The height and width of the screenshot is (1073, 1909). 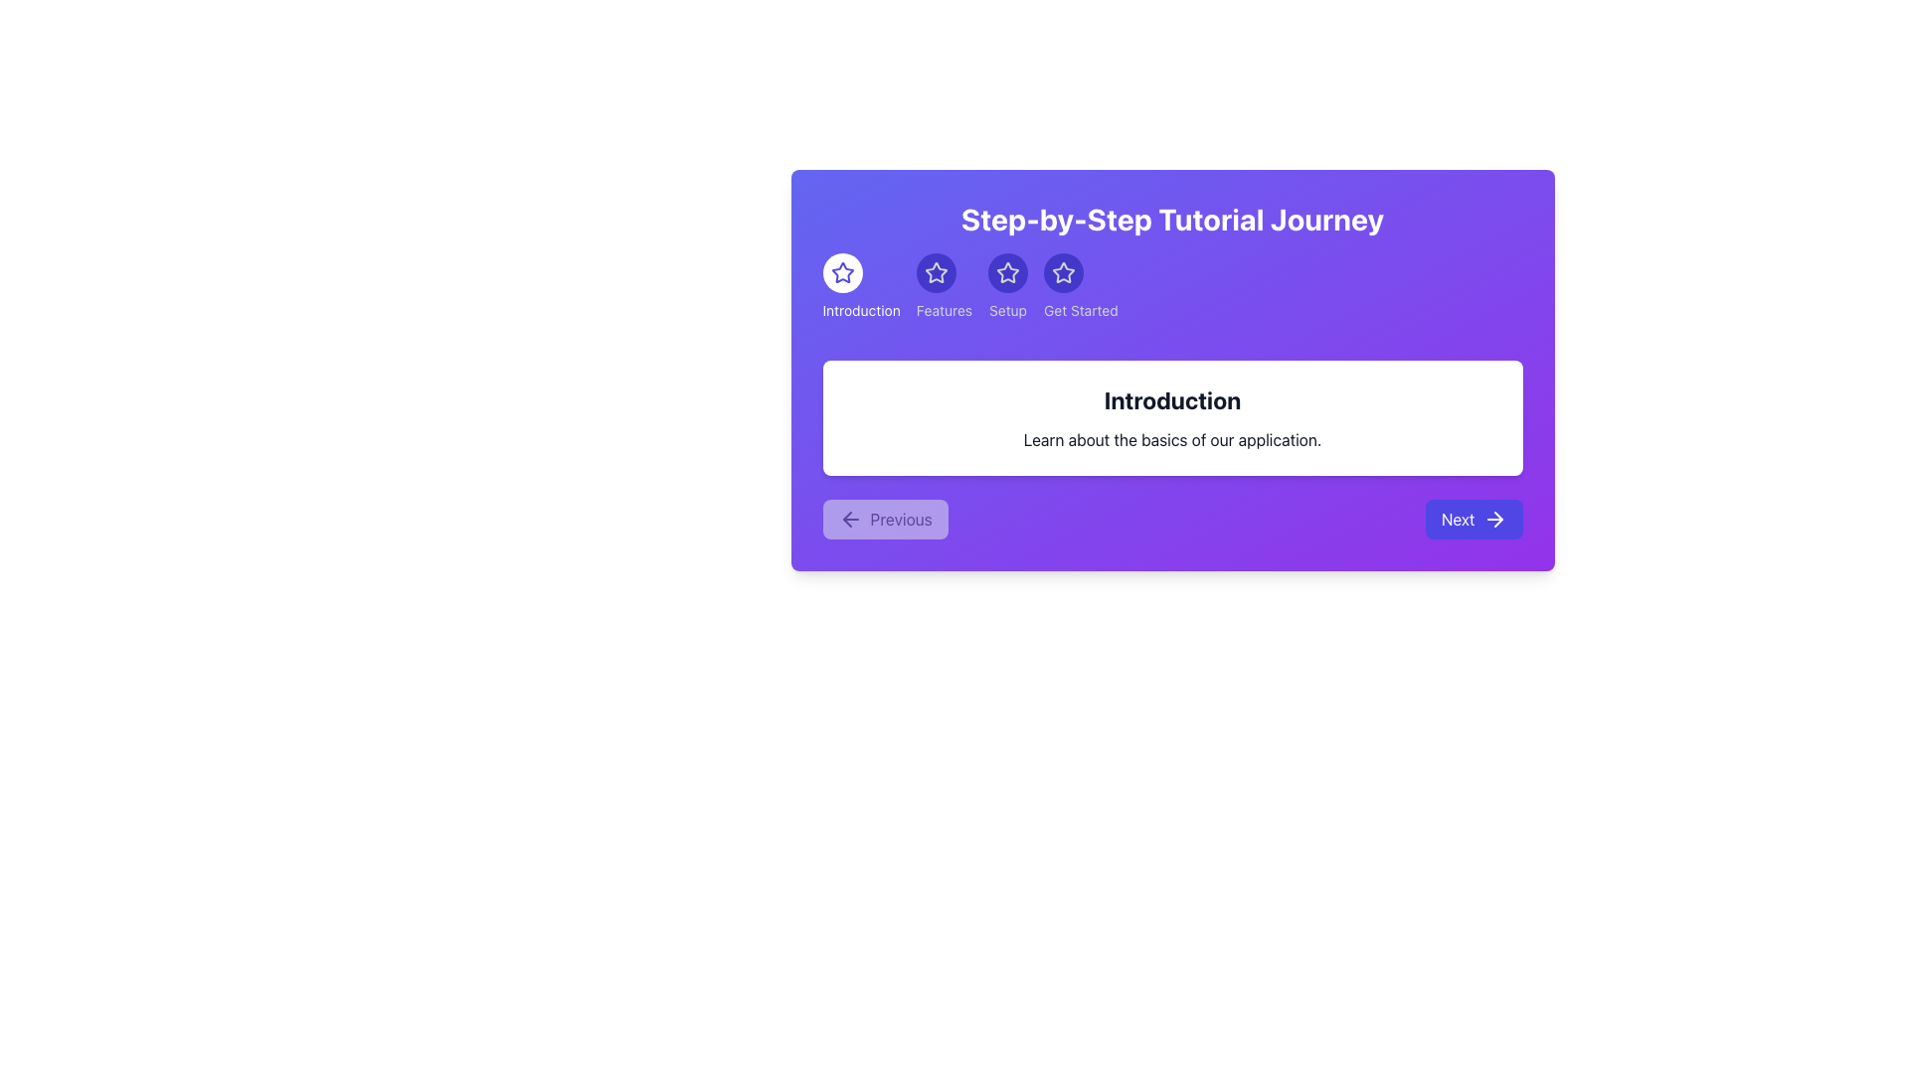 I want to click on the circular blue button with a white outlined star icon labeled 'Setup' in the navigation bar of the 'Step-by-Step Tutorial Journey', so click(x=1007, y=272).